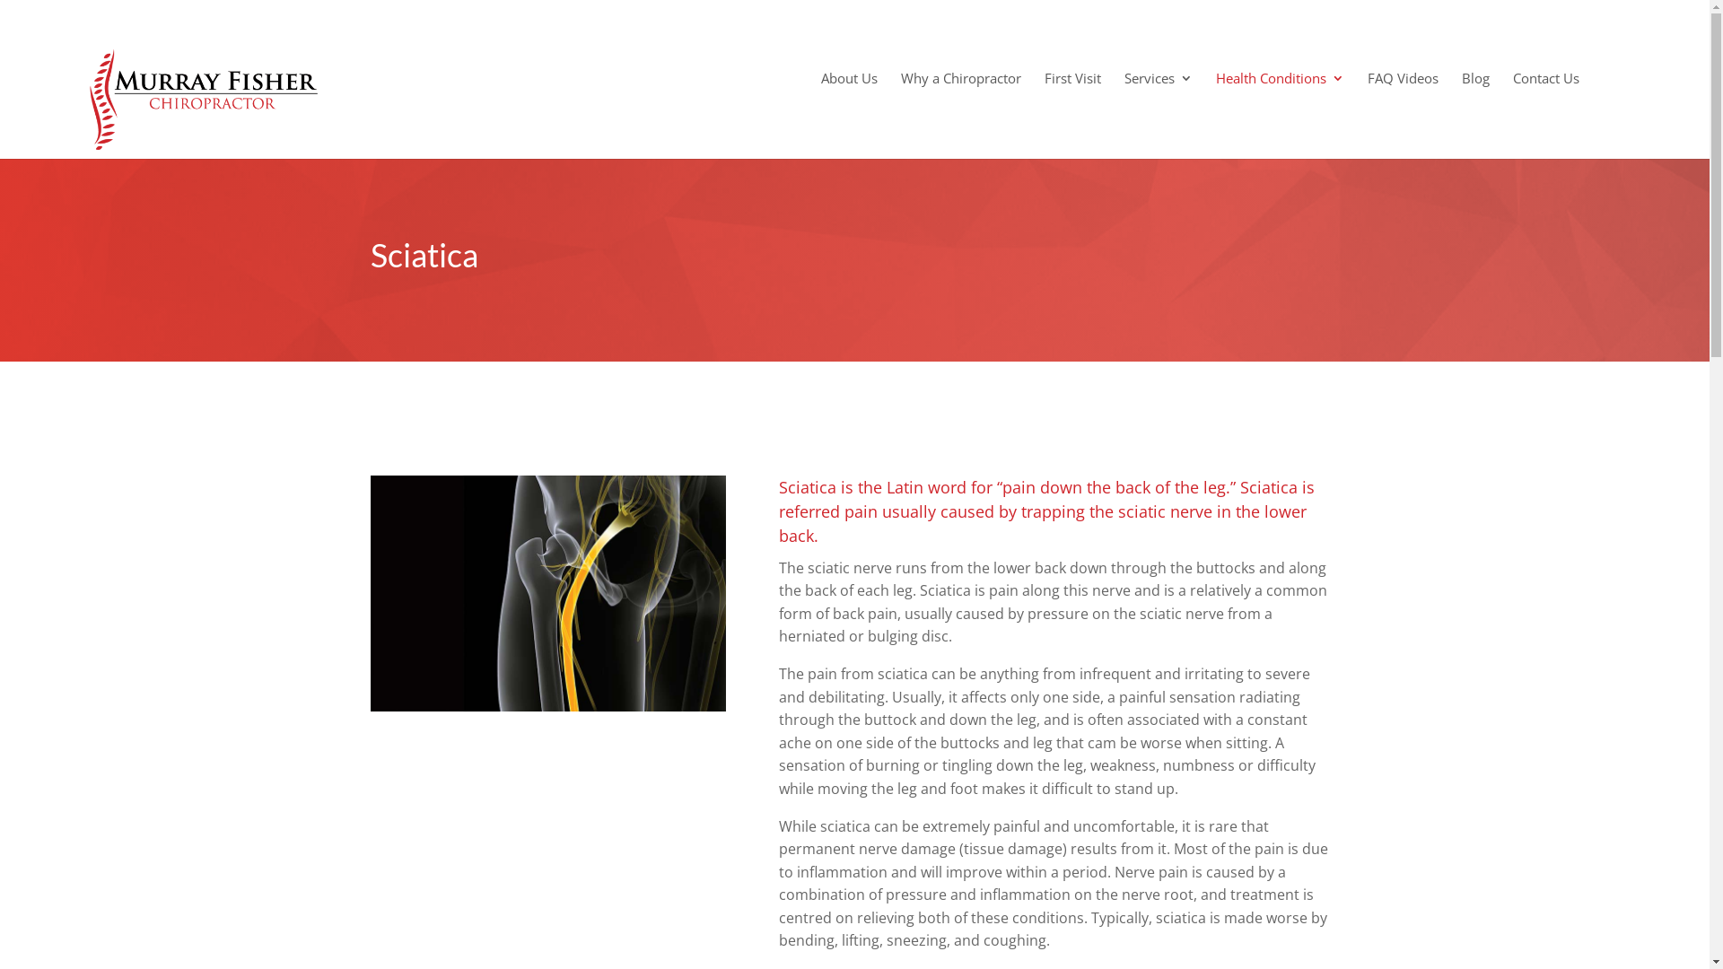 The width and height of the screenshot is (1723, 969). What do you see at coordinates (1072, 92) in the screenshot?
I see `'First Visit'` at bounding box center [1072, 92].